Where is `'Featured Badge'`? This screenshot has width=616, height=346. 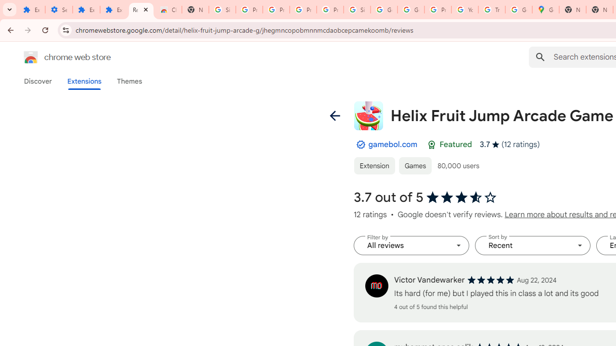
'Featured Badge' is located at coordinates (431, 145).